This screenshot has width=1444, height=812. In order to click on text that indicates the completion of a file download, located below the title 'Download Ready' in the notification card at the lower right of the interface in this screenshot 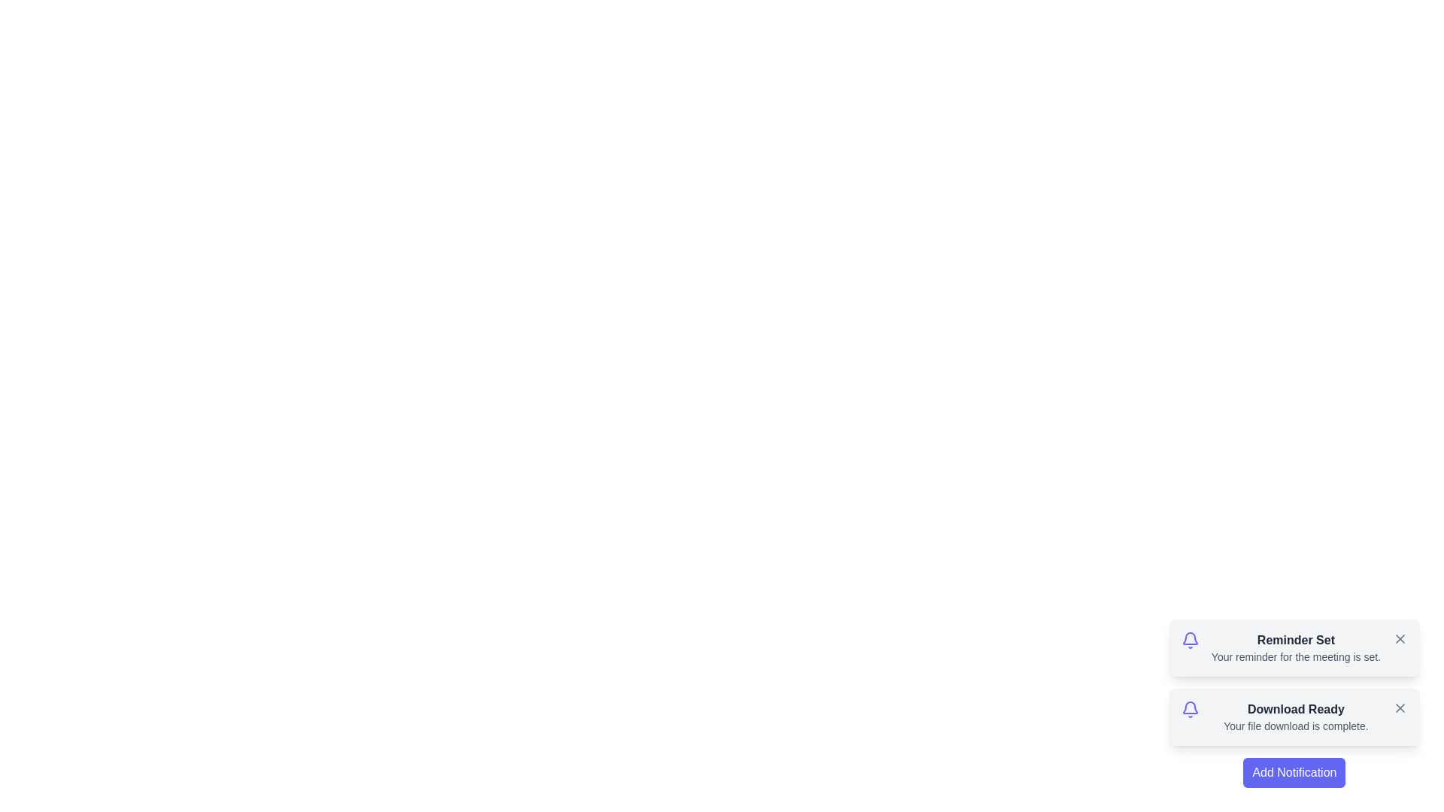, I will do `click(1295, 725)`.